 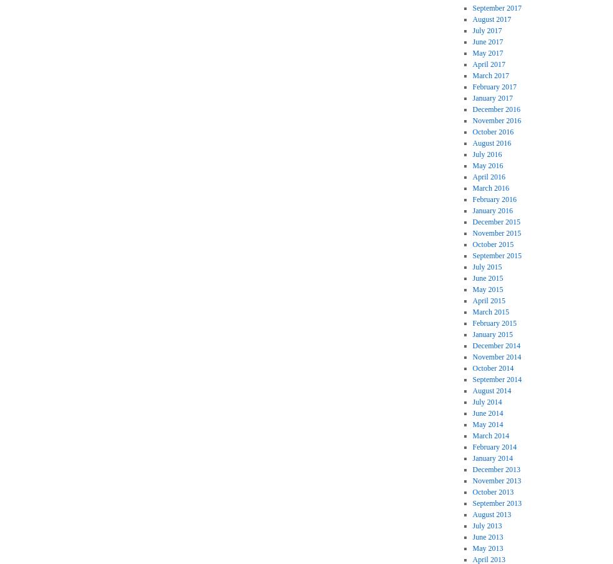 What do you see at coordinates (496, 254) in the screenshot?
I see `'September 2015'` at bounding box center [496, 254].